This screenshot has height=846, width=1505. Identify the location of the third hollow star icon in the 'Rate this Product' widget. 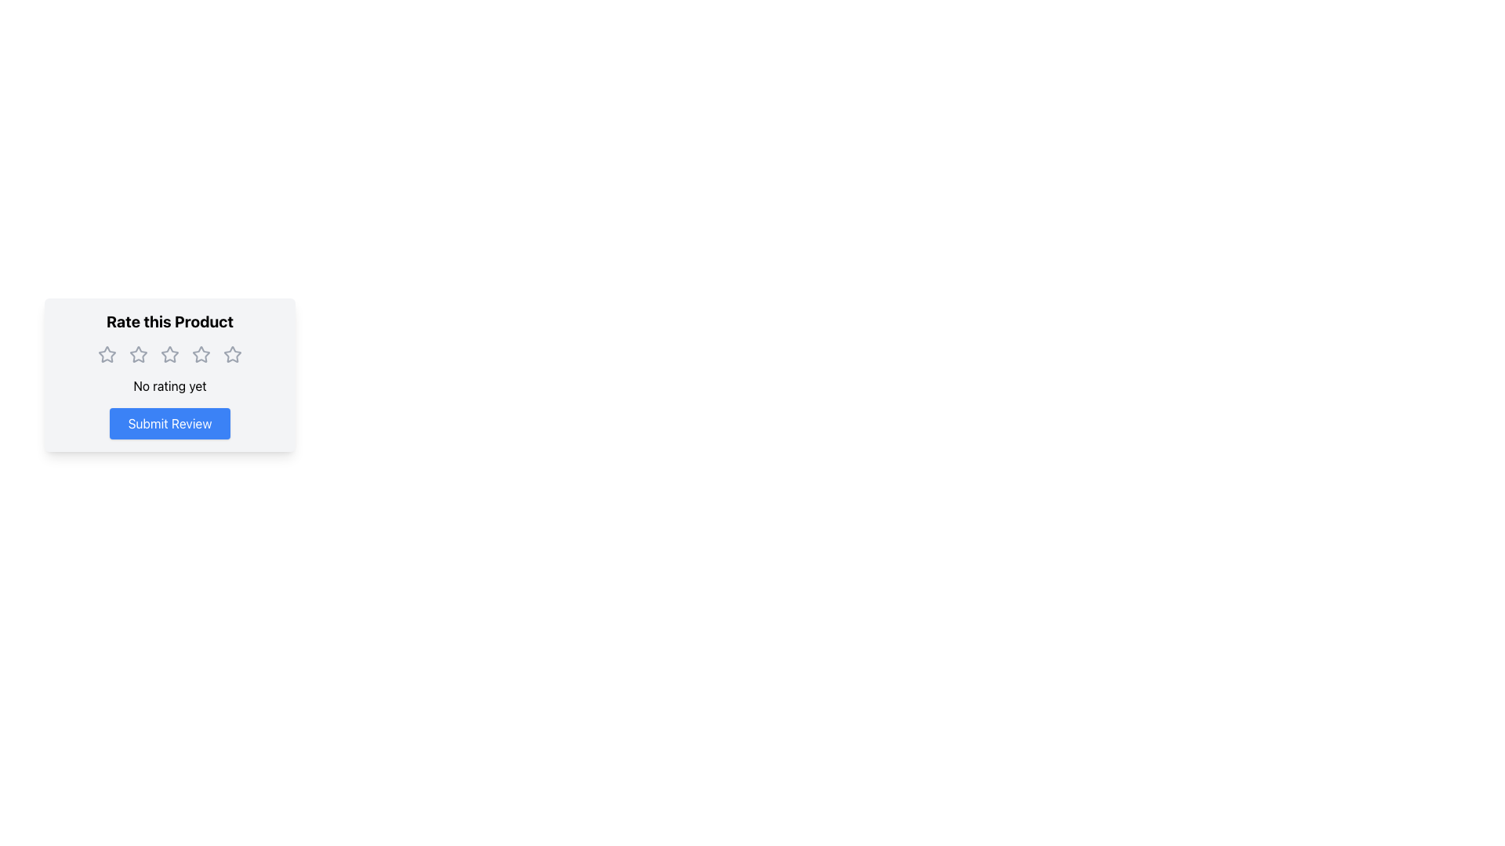
(201, 354).